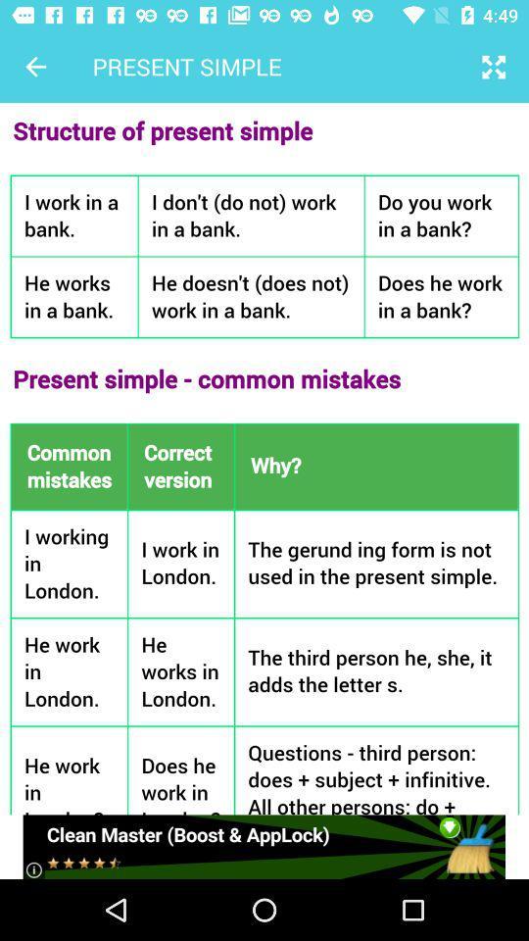 This screenshot has height=941, width=529. I want to click on go back, so click(35, 67).